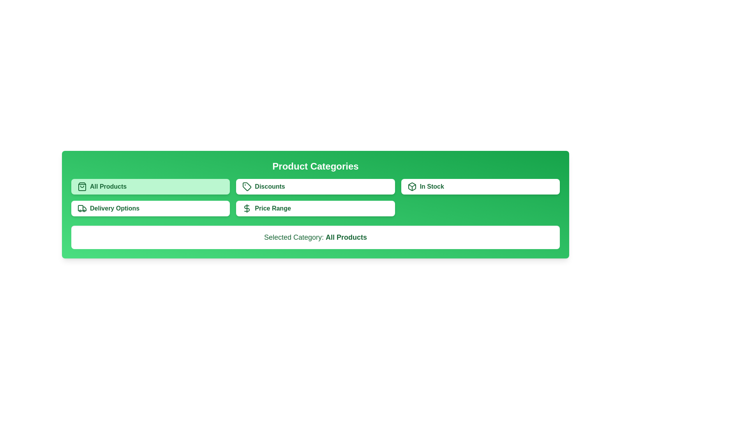  I want to click on the shopping bag icon with a green outline that is positioned to the left of the text 'All Products', so click(82, 186).